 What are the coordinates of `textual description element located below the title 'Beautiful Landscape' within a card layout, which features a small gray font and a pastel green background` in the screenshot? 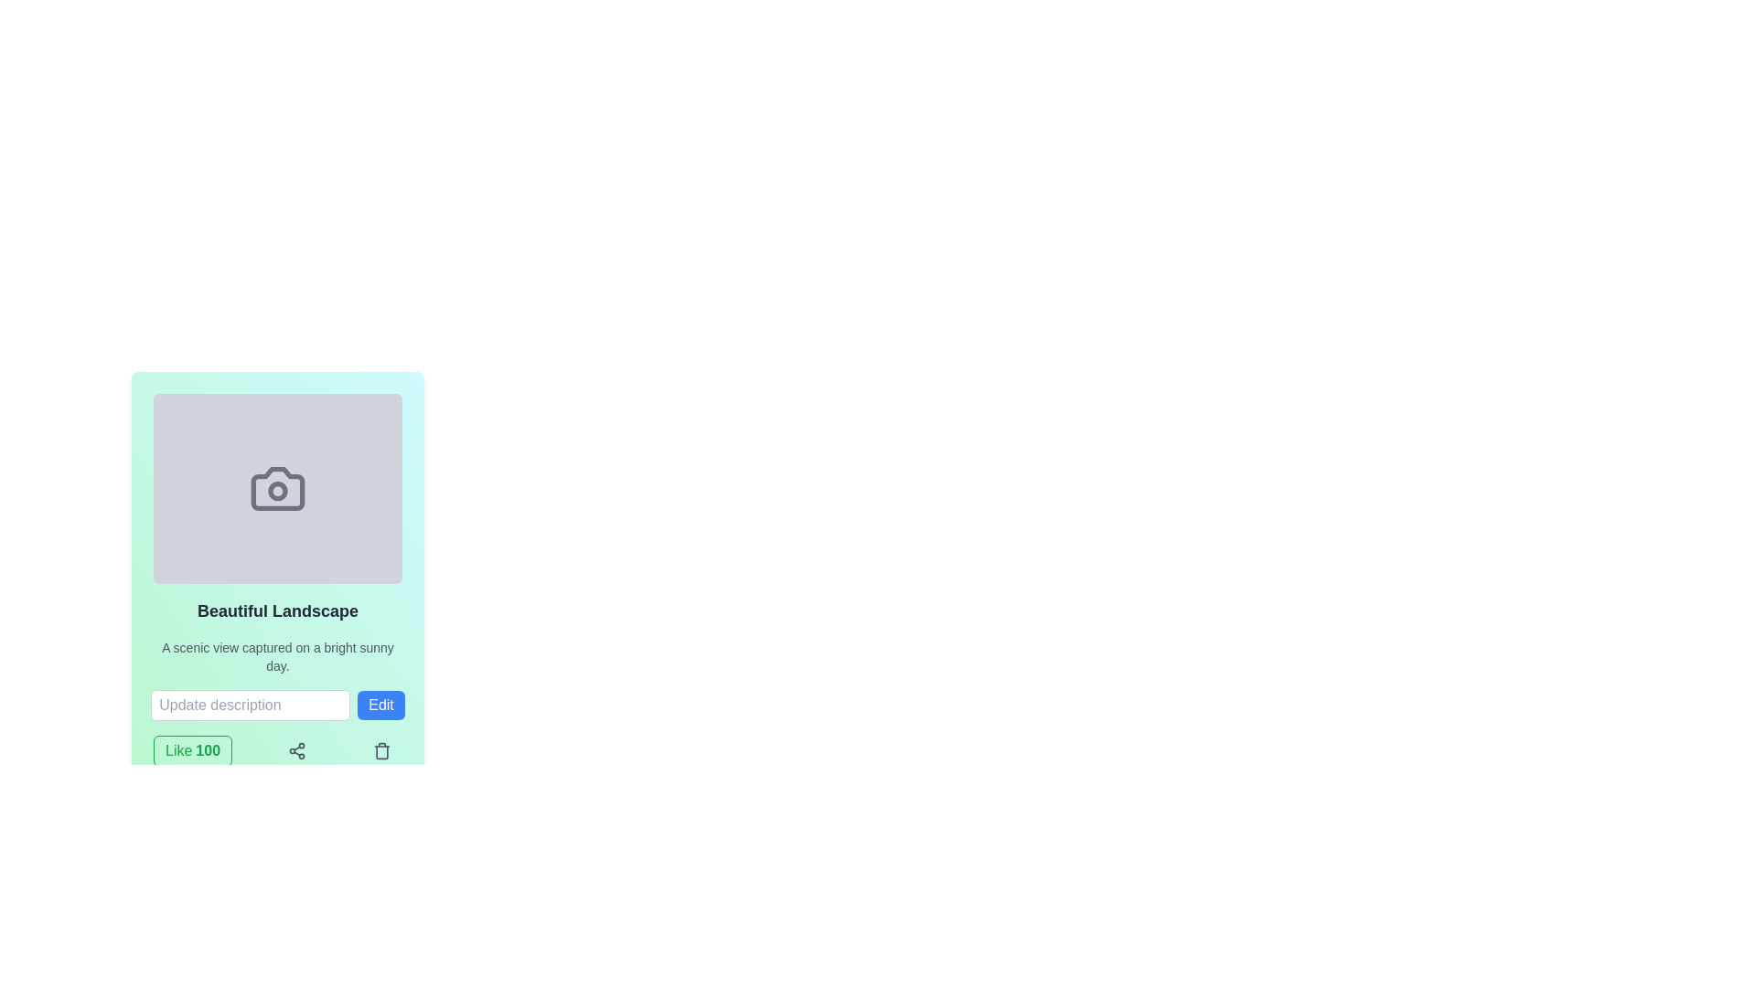 It's located at (276, 655).